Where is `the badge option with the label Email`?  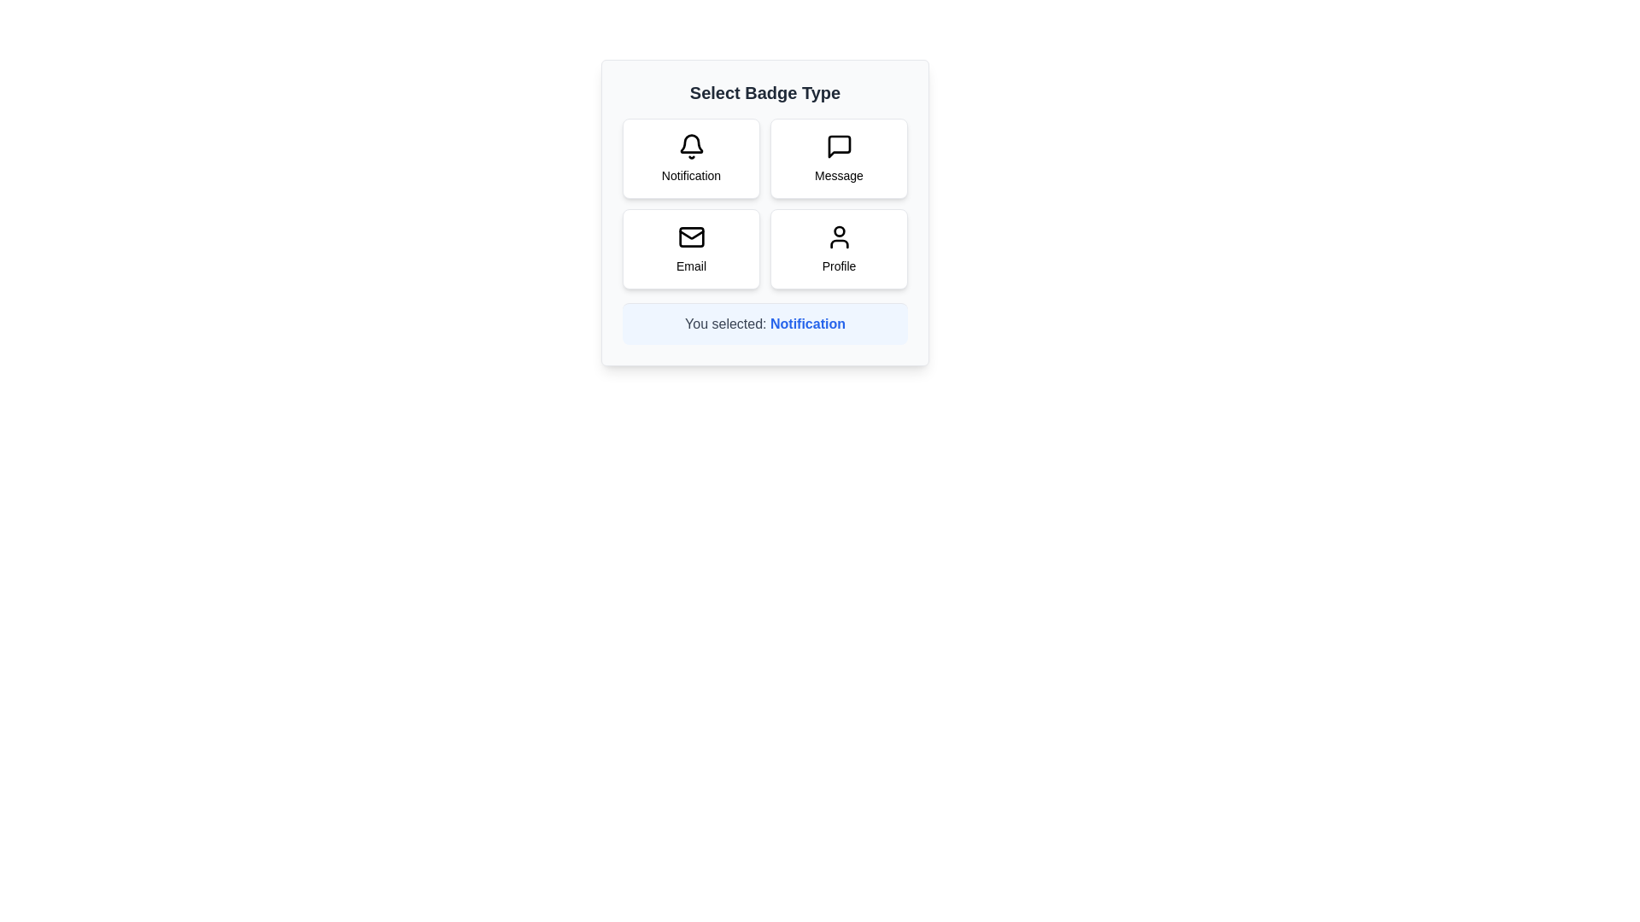 the badge option with the label Email is located at coordinates (691, 249).